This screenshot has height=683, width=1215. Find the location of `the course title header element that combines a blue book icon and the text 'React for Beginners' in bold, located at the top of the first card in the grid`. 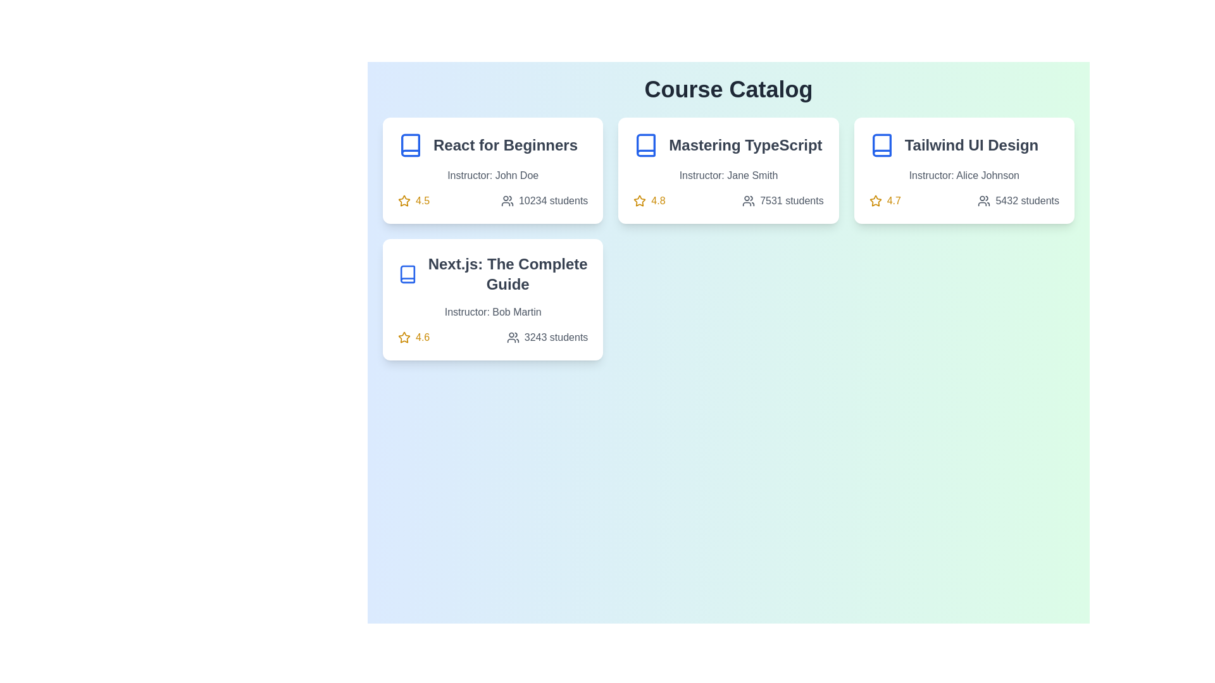

the course title header element that combines a blue book icon and the text 'React for Beginners' in bold, located at the top of the first card in the grid is located at coordinates (492, 145).